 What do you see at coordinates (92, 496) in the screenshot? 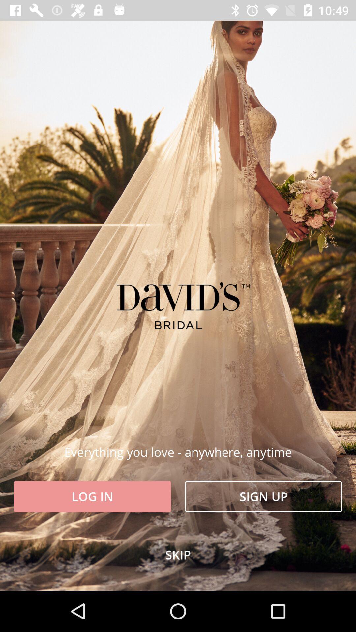
I see `the icon to the left of the sign up item` at bounding box center [92, 496].